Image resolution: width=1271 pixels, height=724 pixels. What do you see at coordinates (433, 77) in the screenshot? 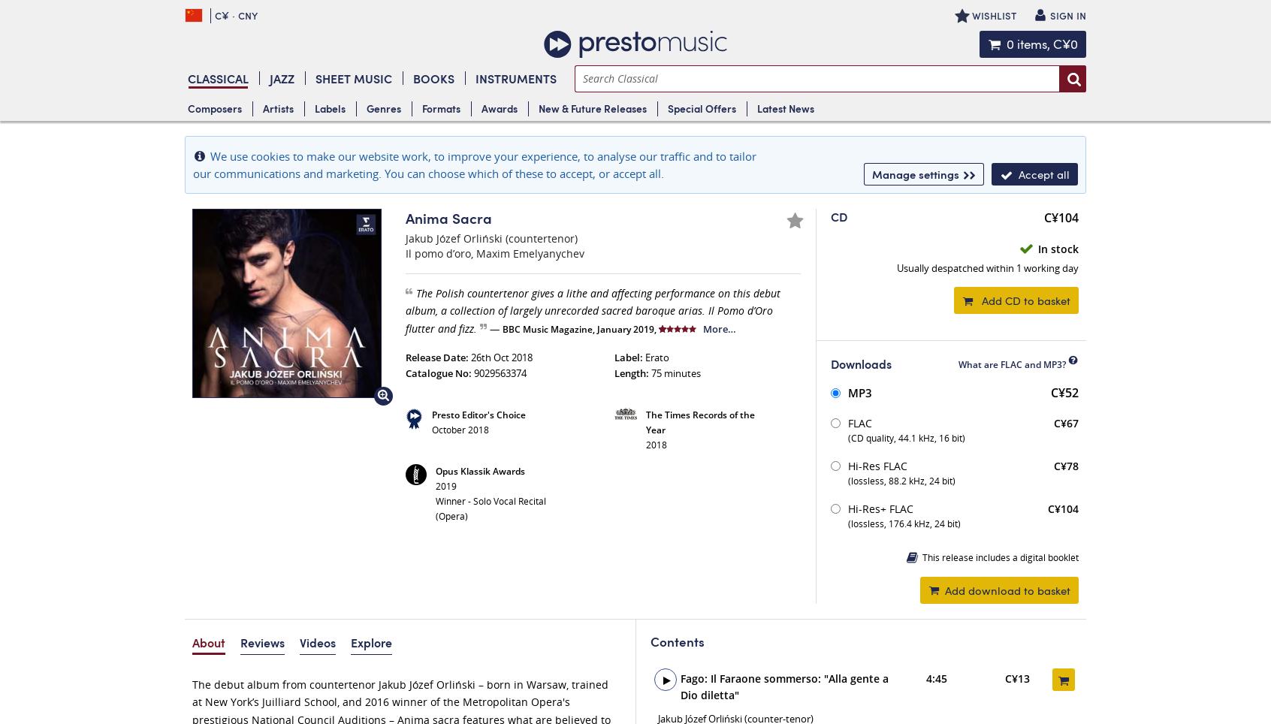
I see `'Books'` at bounding box center [433, 77].